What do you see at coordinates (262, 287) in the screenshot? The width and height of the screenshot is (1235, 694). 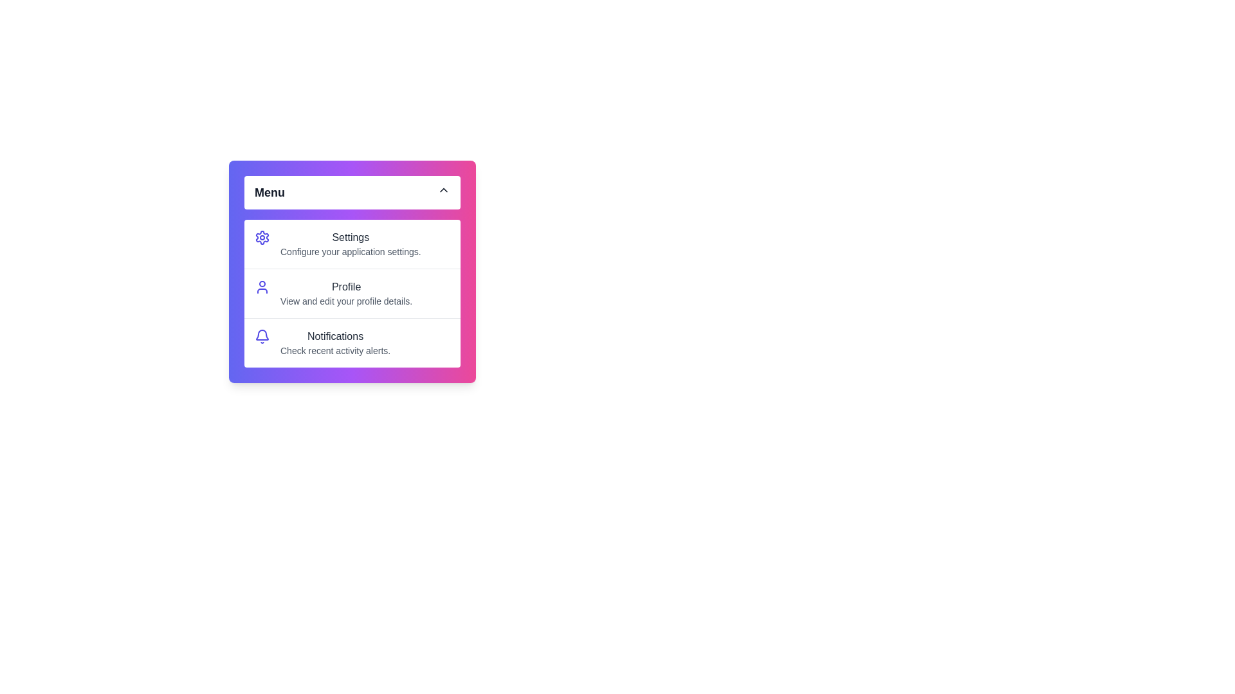 I see `the Profile icon in the menu` at bounding box center [262, 287].